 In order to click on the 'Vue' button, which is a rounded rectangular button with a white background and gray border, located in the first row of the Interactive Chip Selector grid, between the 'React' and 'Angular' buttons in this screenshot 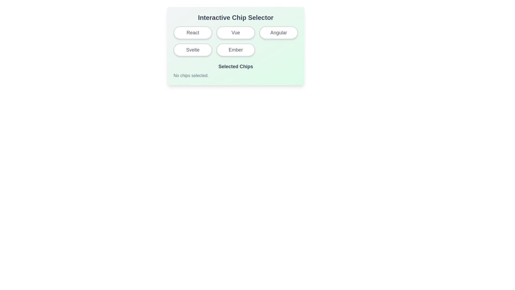, I will do `click(236, 33)`.